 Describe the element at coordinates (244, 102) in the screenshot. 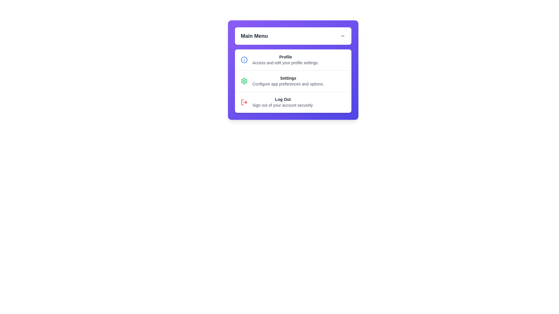

I see `the icon next to the Log Out menu item` at that location.